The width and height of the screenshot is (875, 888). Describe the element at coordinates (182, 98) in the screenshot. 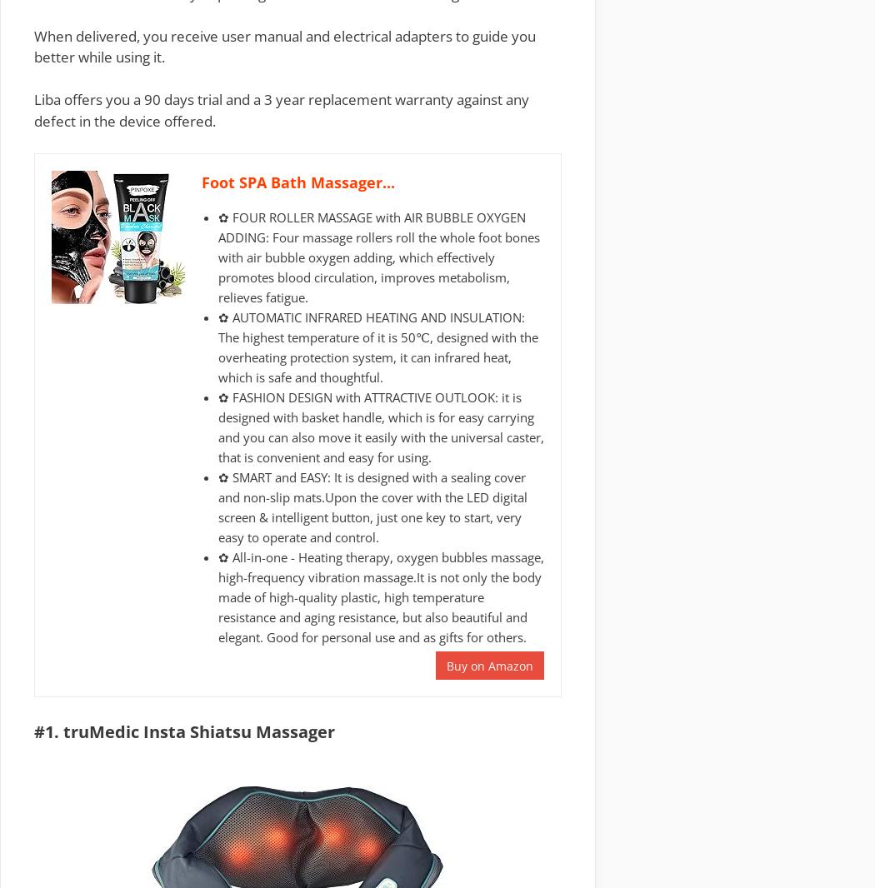

I see `'90 days trial'` at that location.